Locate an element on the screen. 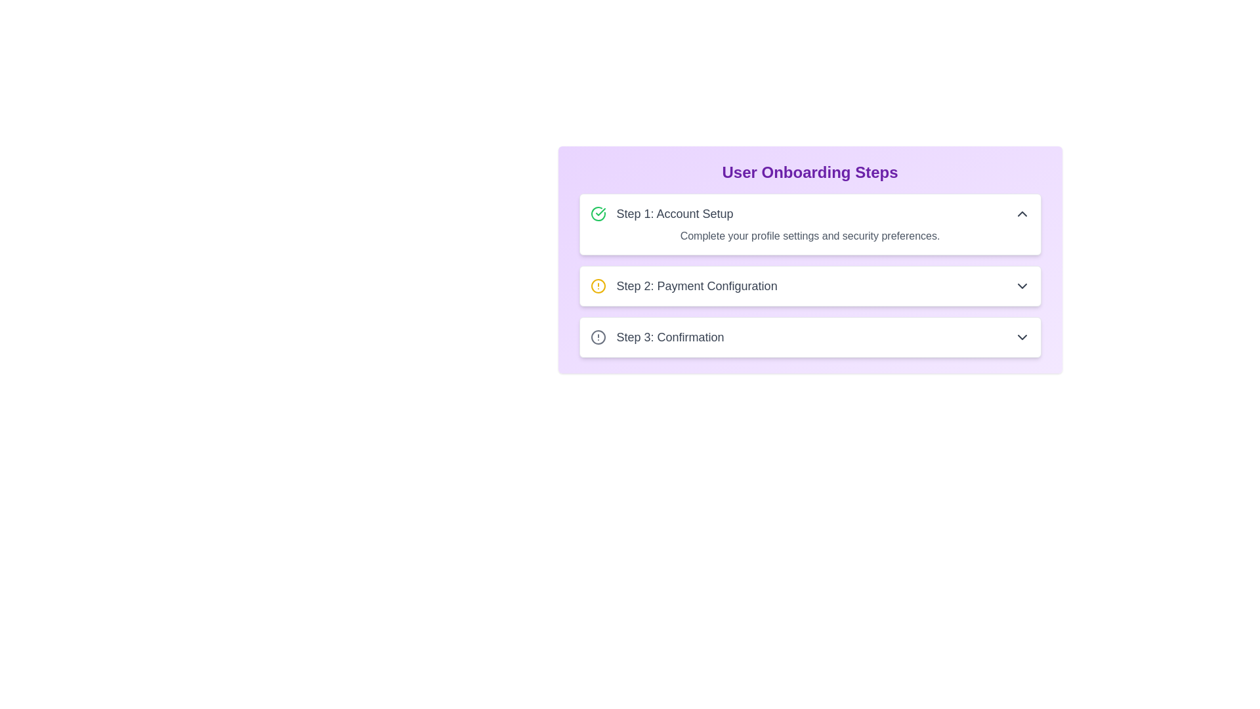 The width and height of the screenshot is (1260, 709). the toggle icon on the far-right side of the 'Step 2: Payment Configuration' section is located at coordinates (1021, 285).